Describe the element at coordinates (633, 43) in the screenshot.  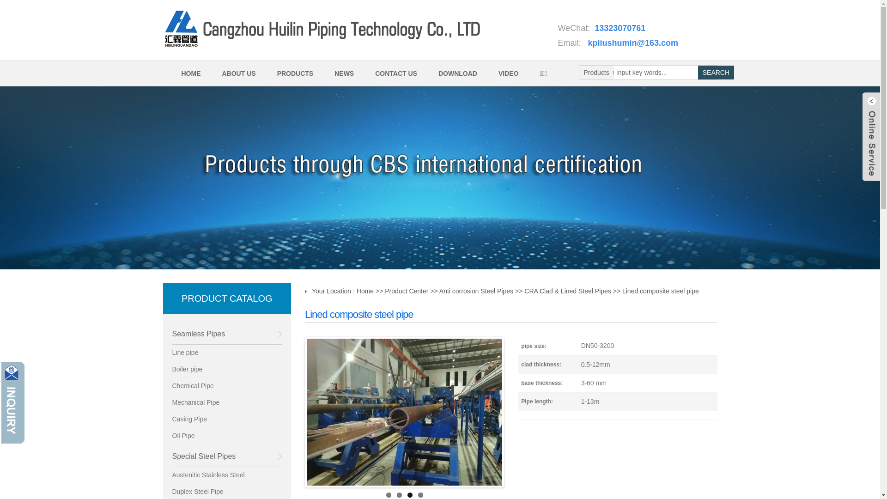
I see `'kpliushumin@163.com'` at that location.